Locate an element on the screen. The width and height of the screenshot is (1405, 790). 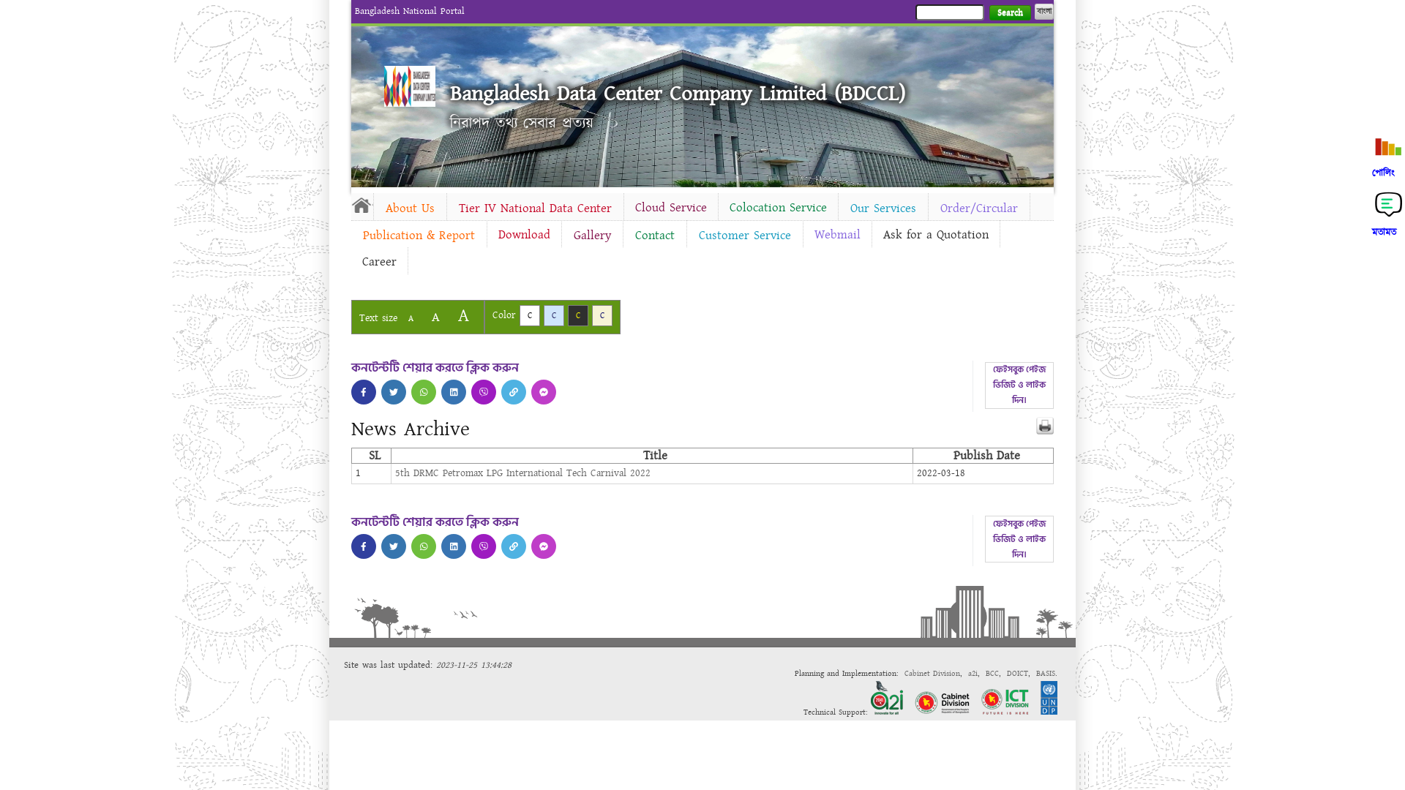
'Cabinet Division' is located at coordinates (931, 673).